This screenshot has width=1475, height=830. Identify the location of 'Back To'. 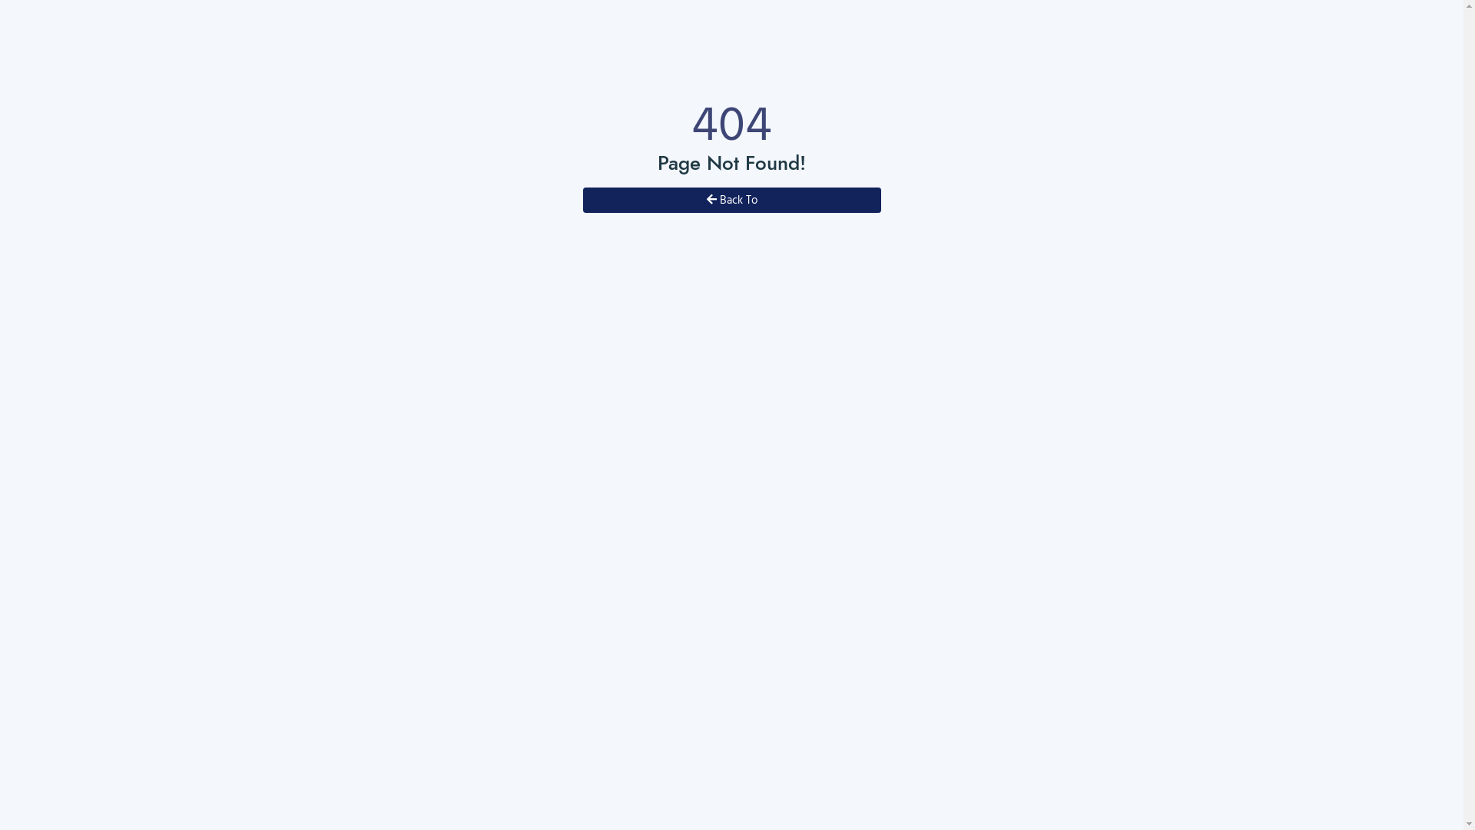
(730, 199).